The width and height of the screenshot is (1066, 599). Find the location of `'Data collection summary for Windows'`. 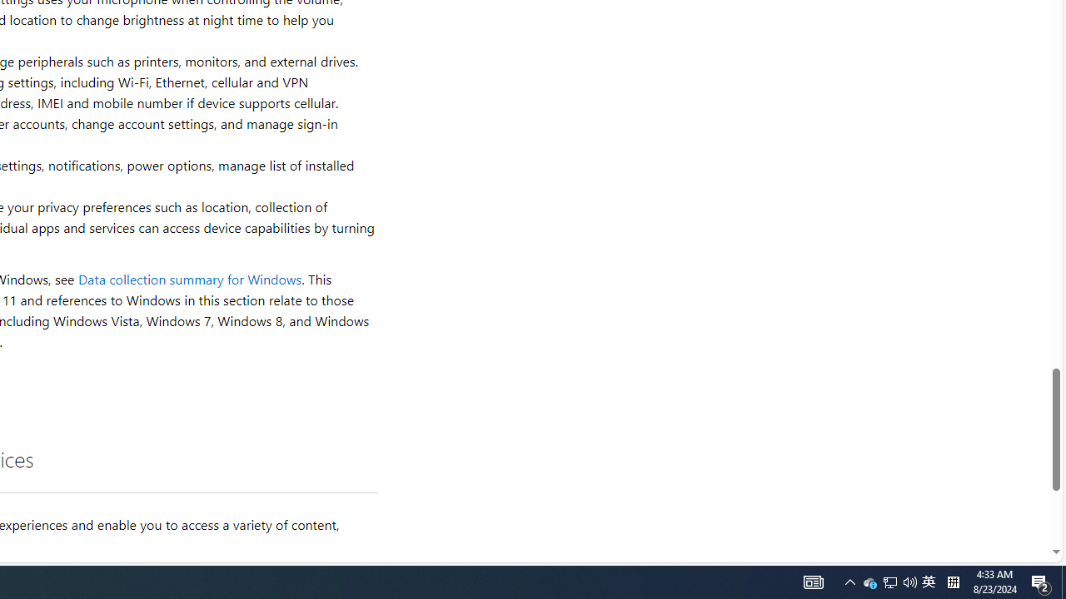

'Data collection summary for Windows' is located at coordinates (190, 278).